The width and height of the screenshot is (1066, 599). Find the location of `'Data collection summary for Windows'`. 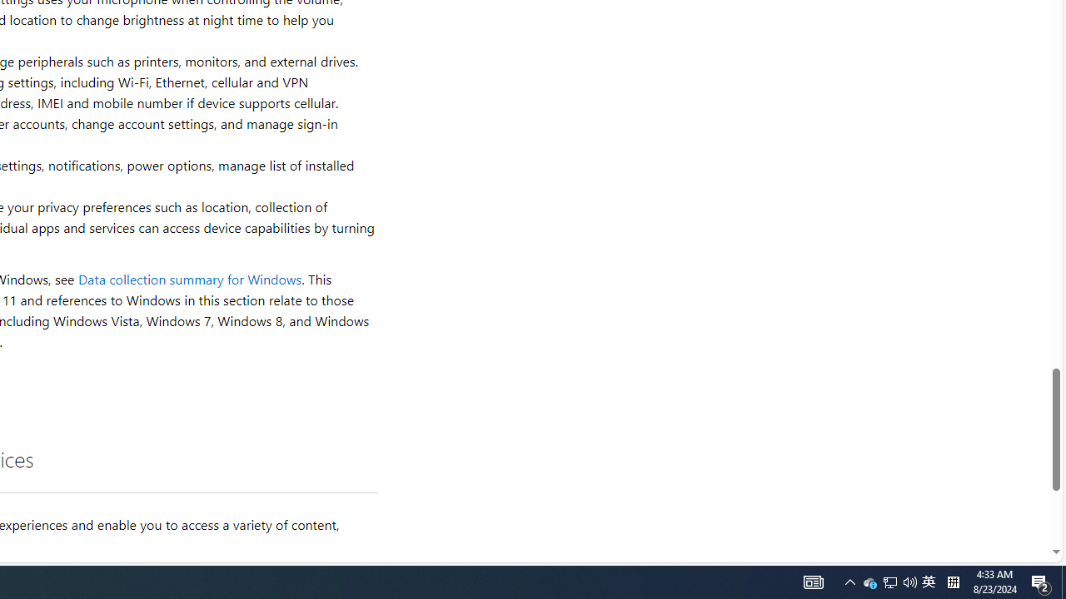

'Data collection summary for Windows' is located at coordinates (190, 278).